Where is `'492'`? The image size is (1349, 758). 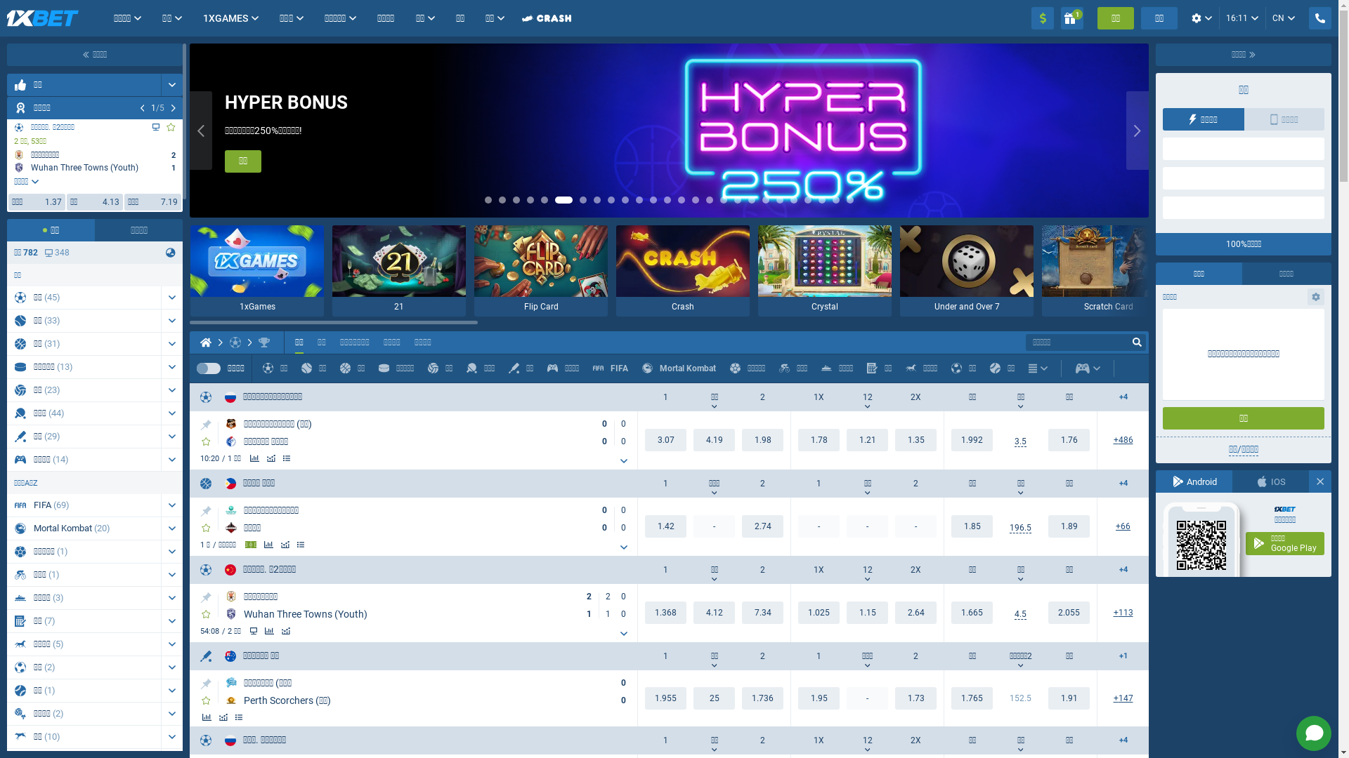
'492' is located at coordinates (1096, 439).